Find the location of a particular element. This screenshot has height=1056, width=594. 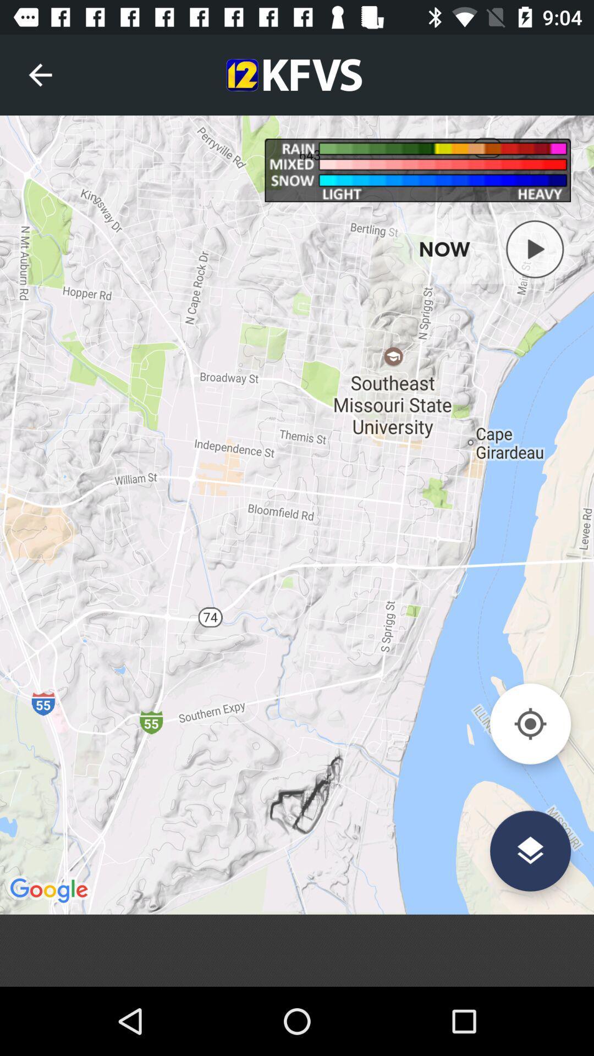

the location_crosshair icon is located at coordinates (530, 724).